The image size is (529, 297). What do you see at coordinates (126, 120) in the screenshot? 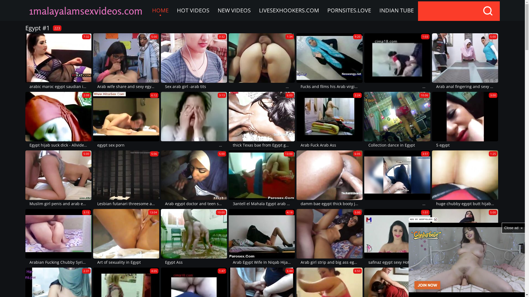
I see `'6:12` at bounding box center [126, 120].